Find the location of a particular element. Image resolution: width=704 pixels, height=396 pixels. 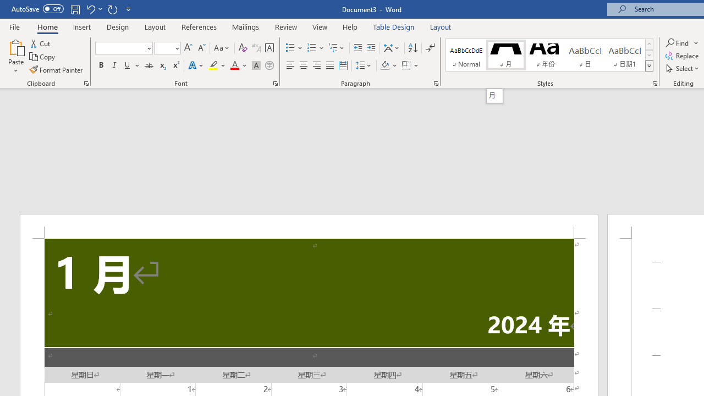

'Character Border' is located at coordinates (269, 47).